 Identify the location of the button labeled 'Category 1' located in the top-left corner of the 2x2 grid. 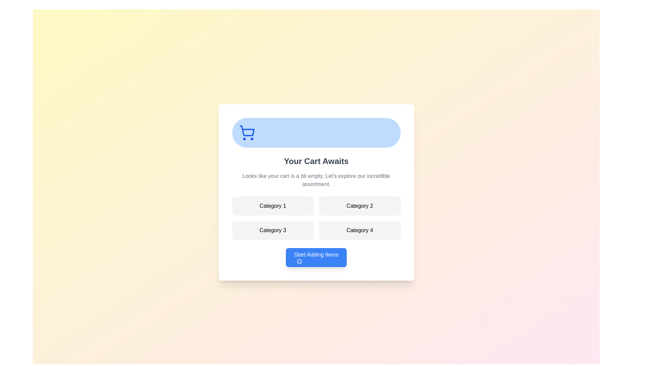
(273, 206).